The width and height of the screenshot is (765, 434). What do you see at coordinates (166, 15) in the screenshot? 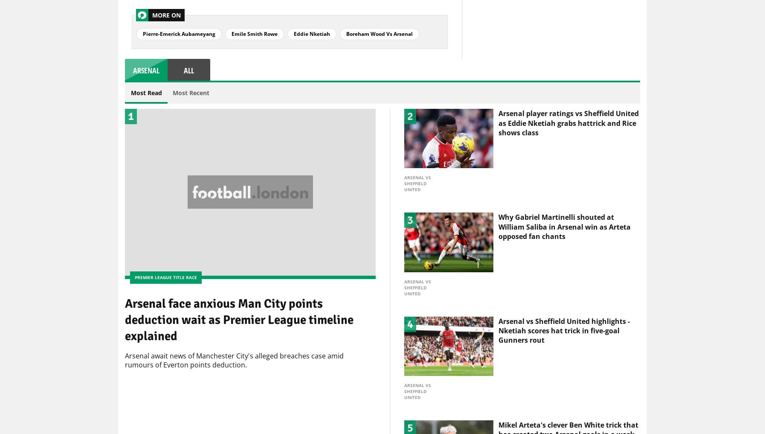
I see `'More On'` at bounding box center [166, 15].